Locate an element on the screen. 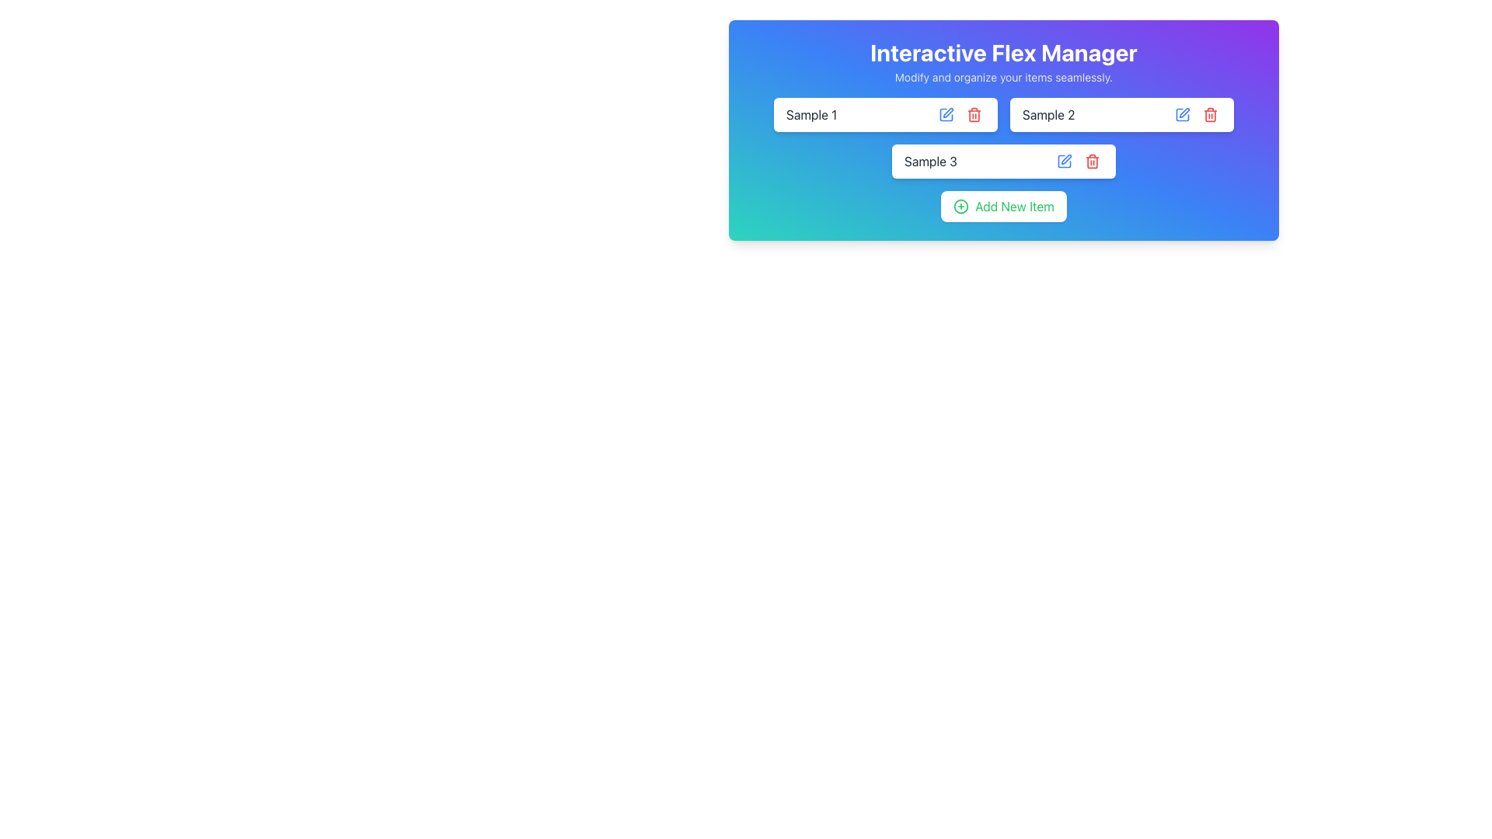  the edit icon located immediately to the right of the 'Sample 2' text entry is located at coordinates (1181, 113).